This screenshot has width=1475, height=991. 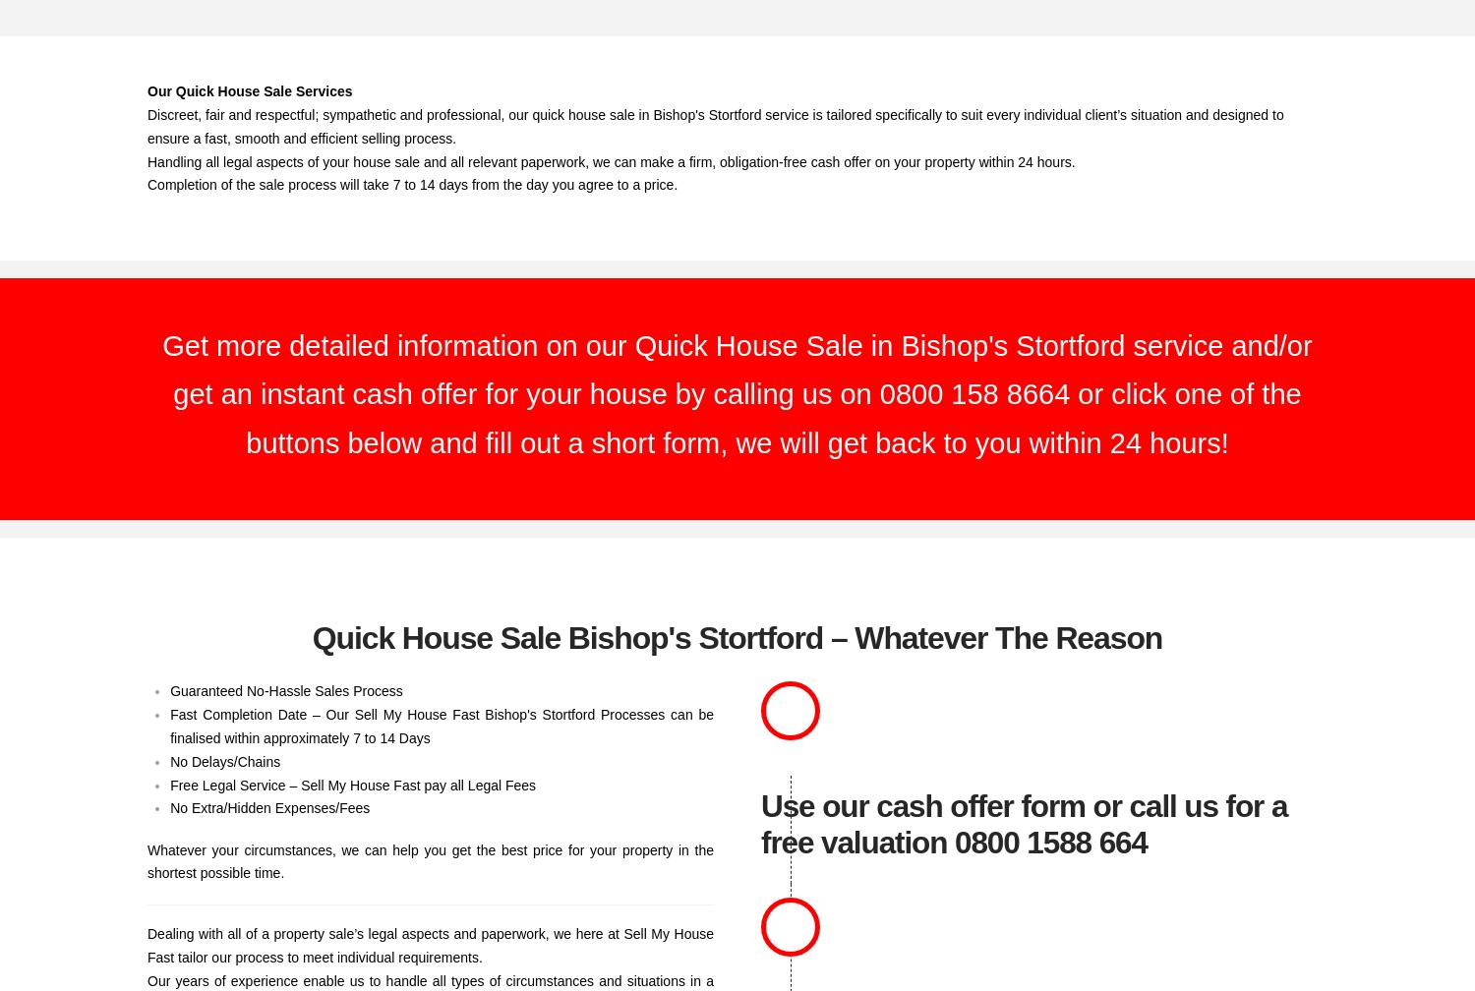 I want to click on 'Handling all legal aspects of your house sale and all relevant paperwork, we can make a firm, obligation-free cash offer on your property within 24 hours.', so click(x=610, y=161).